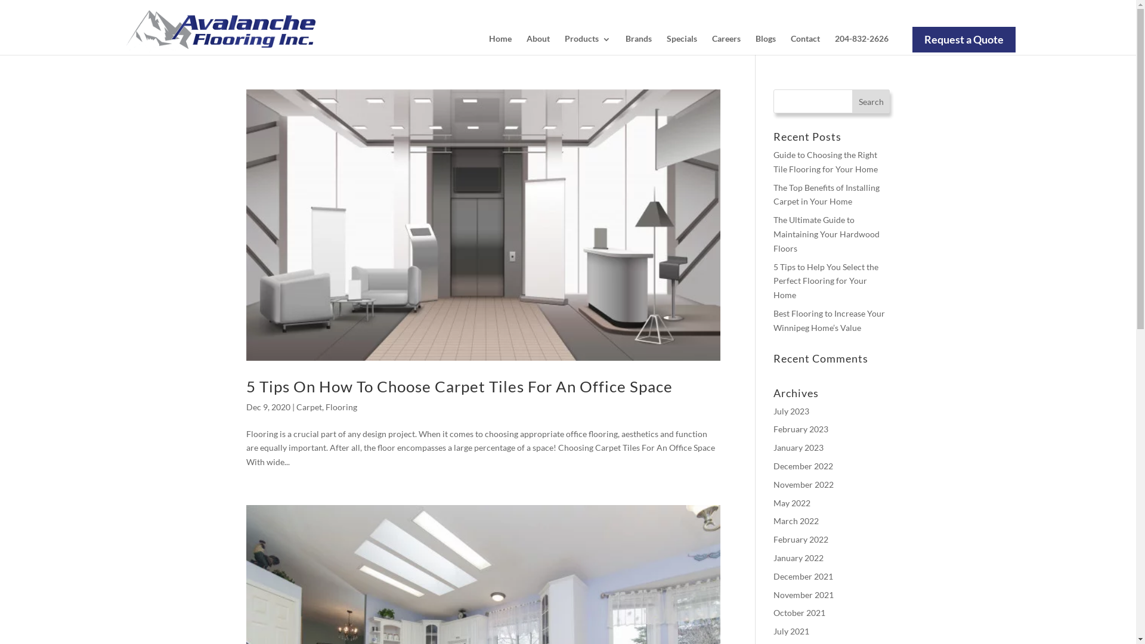 The height and width of the screenshot is (644, 1145). I want to click on '204-832-2626', so click(834, 40).